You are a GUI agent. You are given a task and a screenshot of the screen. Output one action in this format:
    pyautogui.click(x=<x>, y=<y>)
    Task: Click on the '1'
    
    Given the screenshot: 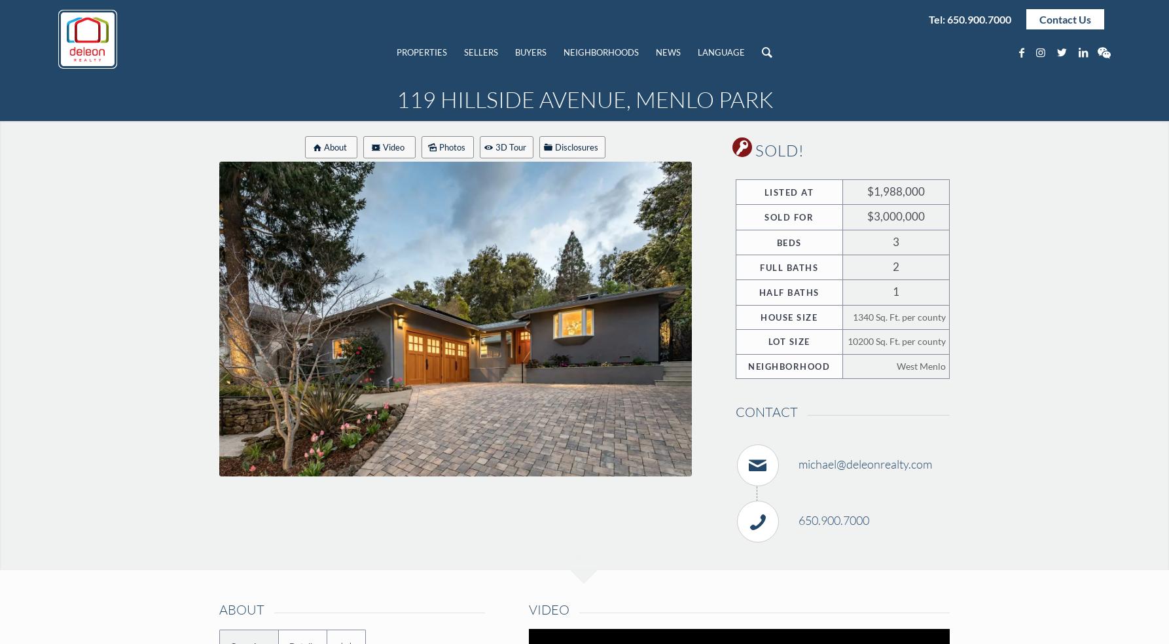 What is the action you would take?
    pyautogui.click(x=891, y=291)
    